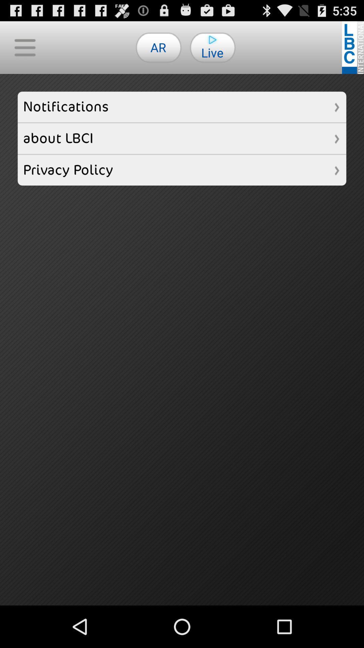  I want to click on privacy policy icon, so click(182, 170).